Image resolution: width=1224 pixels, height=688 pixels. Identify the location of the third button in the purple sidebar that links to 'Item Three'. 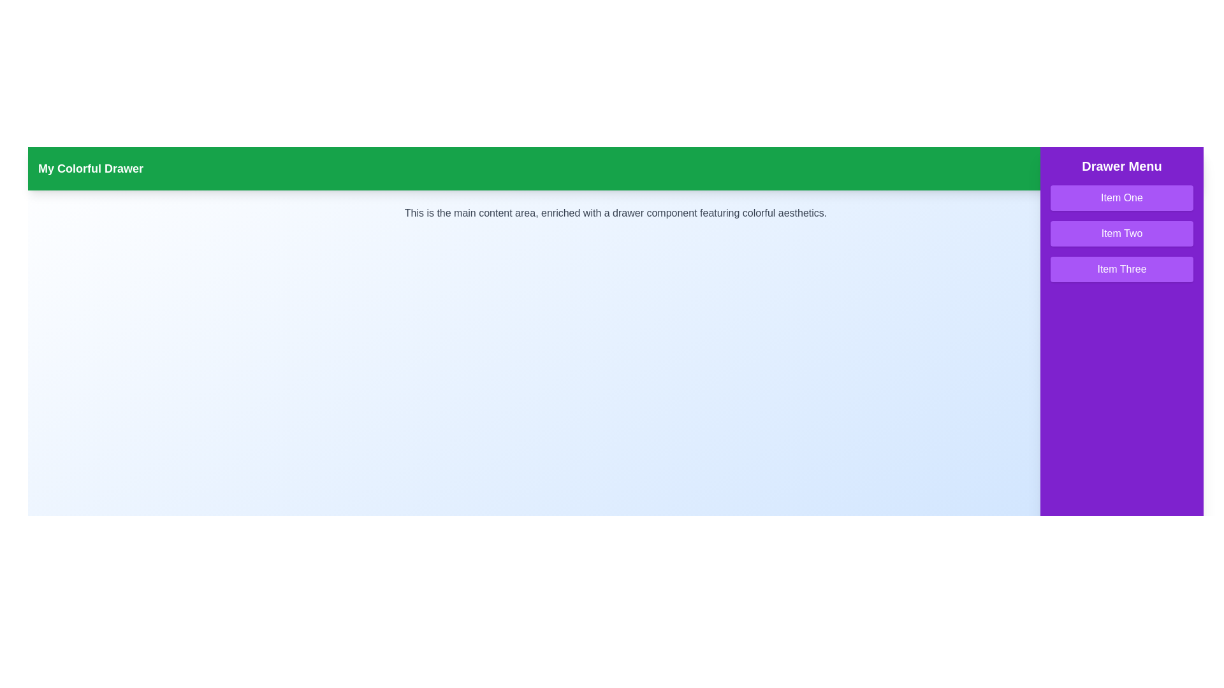
(1122, 269).